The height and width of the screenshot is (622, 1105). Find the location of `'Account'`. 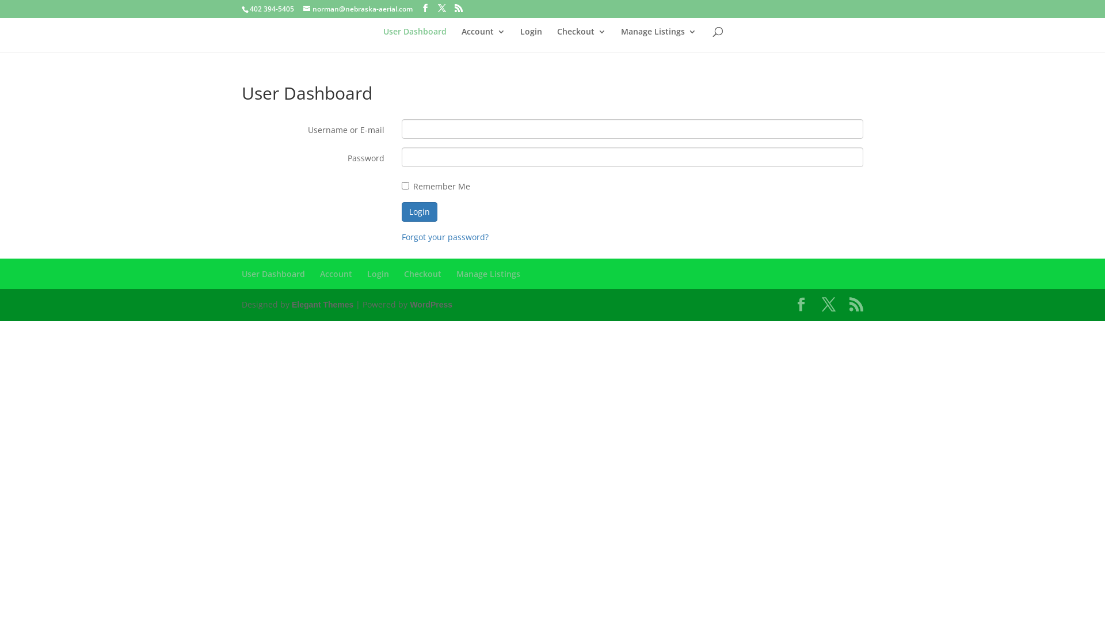

'Account' is located at coordinates (336, 274).